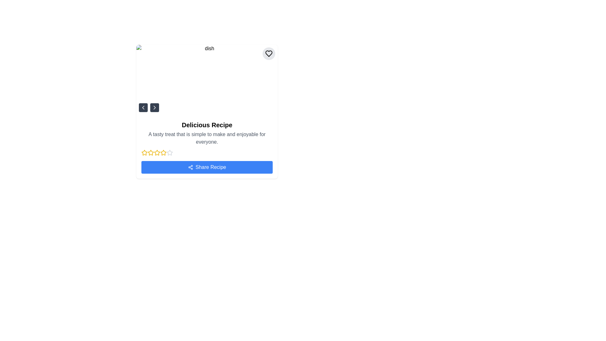 The image size is (606, 341). What do you see at coordinates (144, 153) in the screenshot?
I see `the first star-shaped rating icon with a yellow border located below the 'Delicious Recipe' text to rate it` at bounding box center [144, 153].